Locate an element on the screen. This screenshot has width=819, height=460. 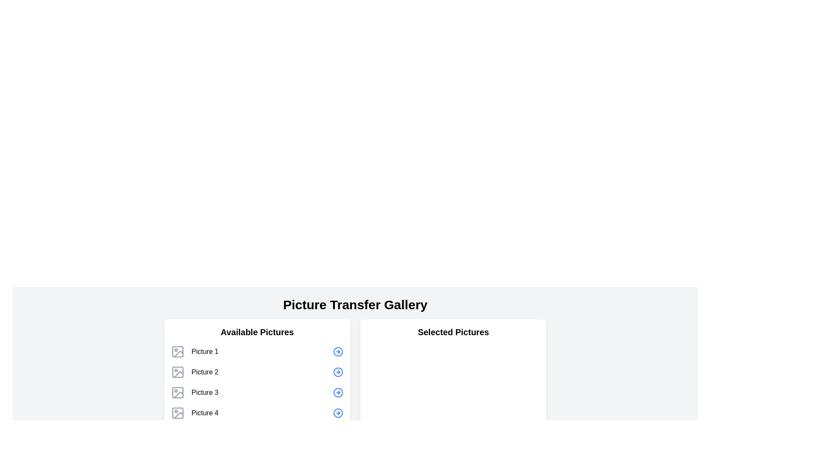
the circular icon with a 10-pixel radius that is part of the right-arrow graphic in the 'Available Pictures' section is located at coordinates (337, 392).